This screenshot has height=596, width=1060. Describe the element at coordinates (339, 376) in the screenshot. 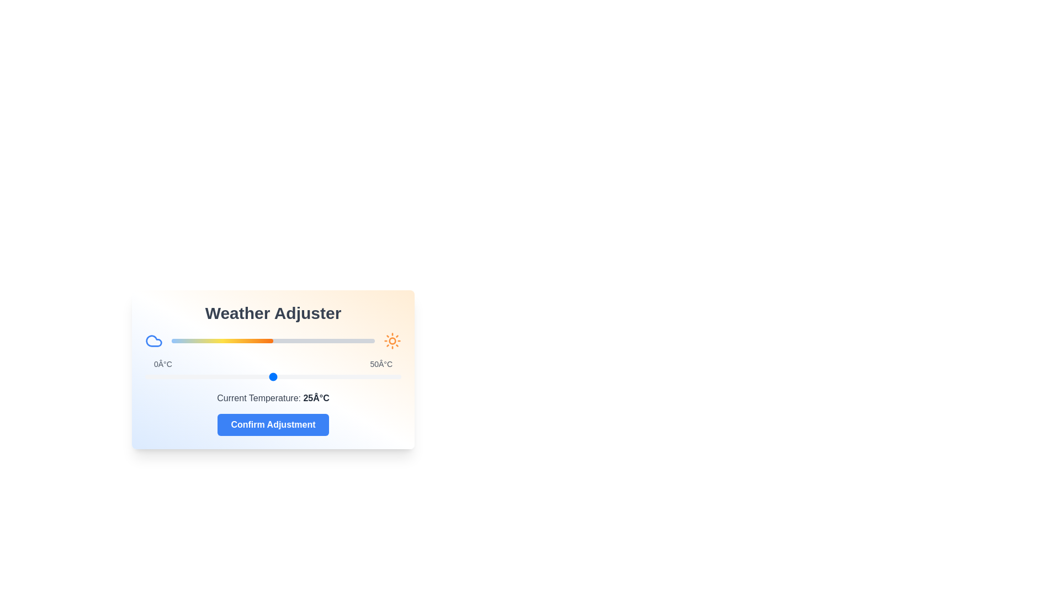

I see `the temperature slider to set the temperature to 38°C` at that location.